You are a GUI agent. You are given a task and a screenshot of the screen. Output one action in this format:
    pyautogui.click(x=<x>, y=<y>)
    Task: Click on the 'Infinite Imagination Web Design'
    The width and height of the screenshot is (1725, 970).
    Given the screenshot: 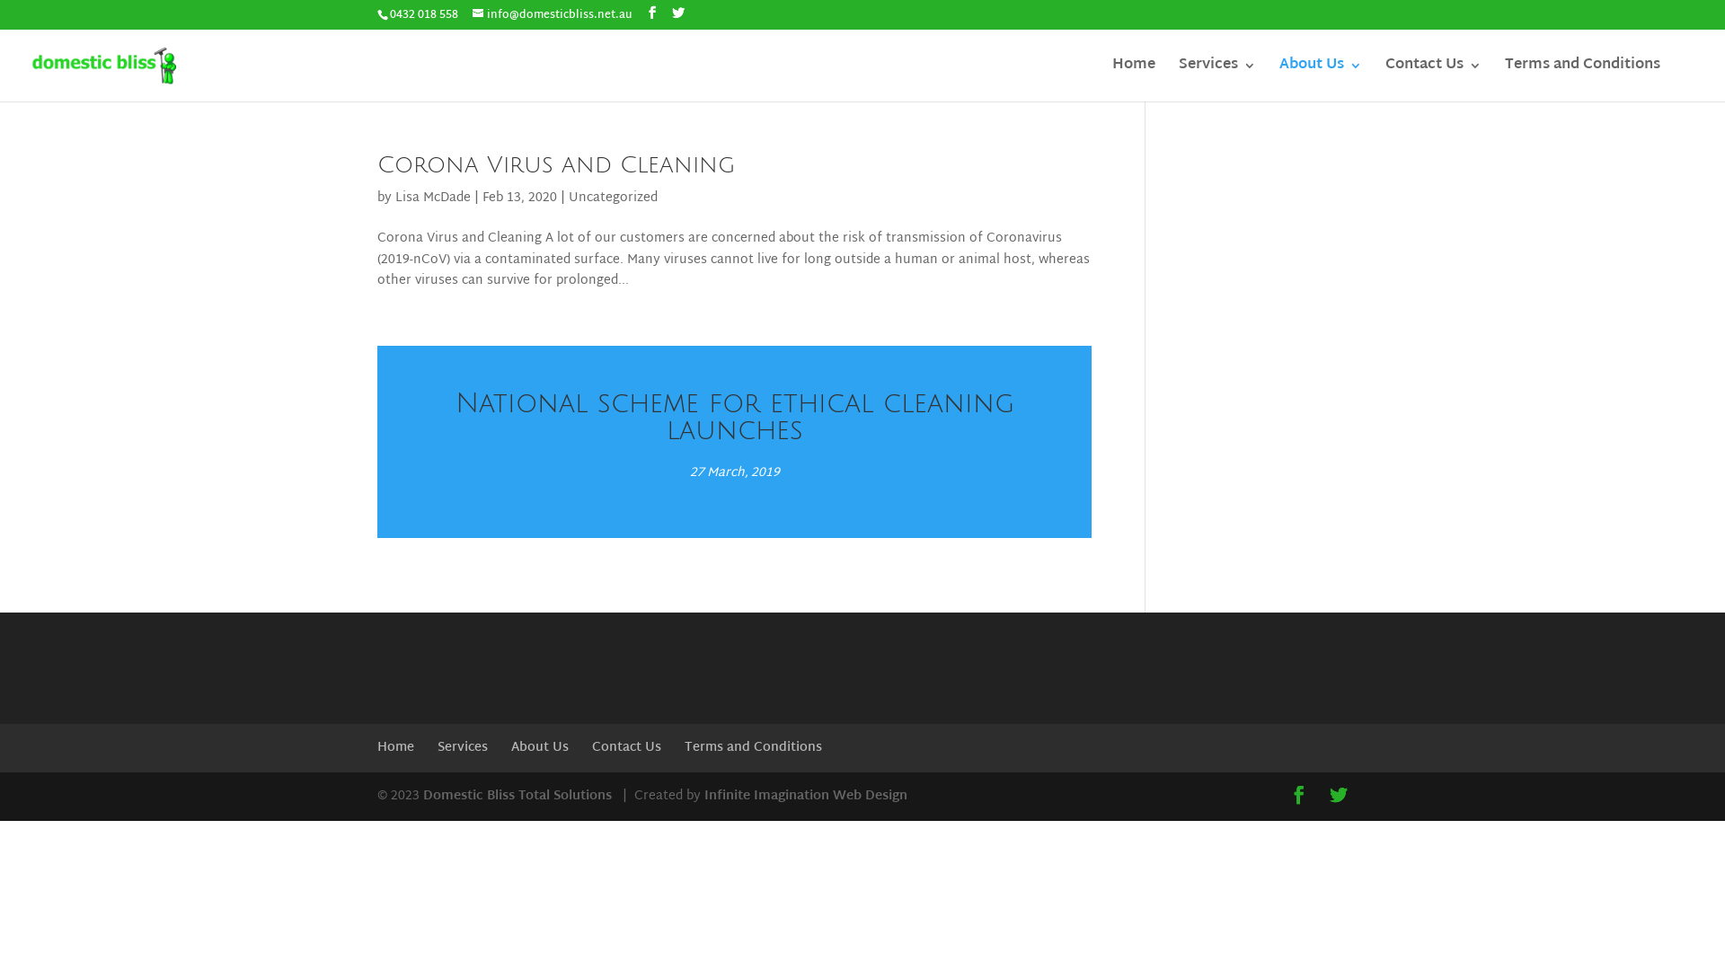 What is the action you would take?
    pyautogui.click(x=805, y=795)
    